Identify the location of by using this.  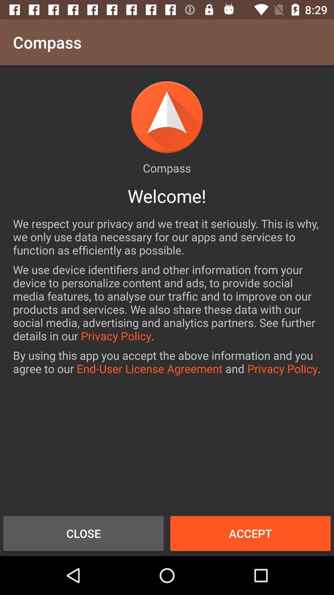
(167, 362).